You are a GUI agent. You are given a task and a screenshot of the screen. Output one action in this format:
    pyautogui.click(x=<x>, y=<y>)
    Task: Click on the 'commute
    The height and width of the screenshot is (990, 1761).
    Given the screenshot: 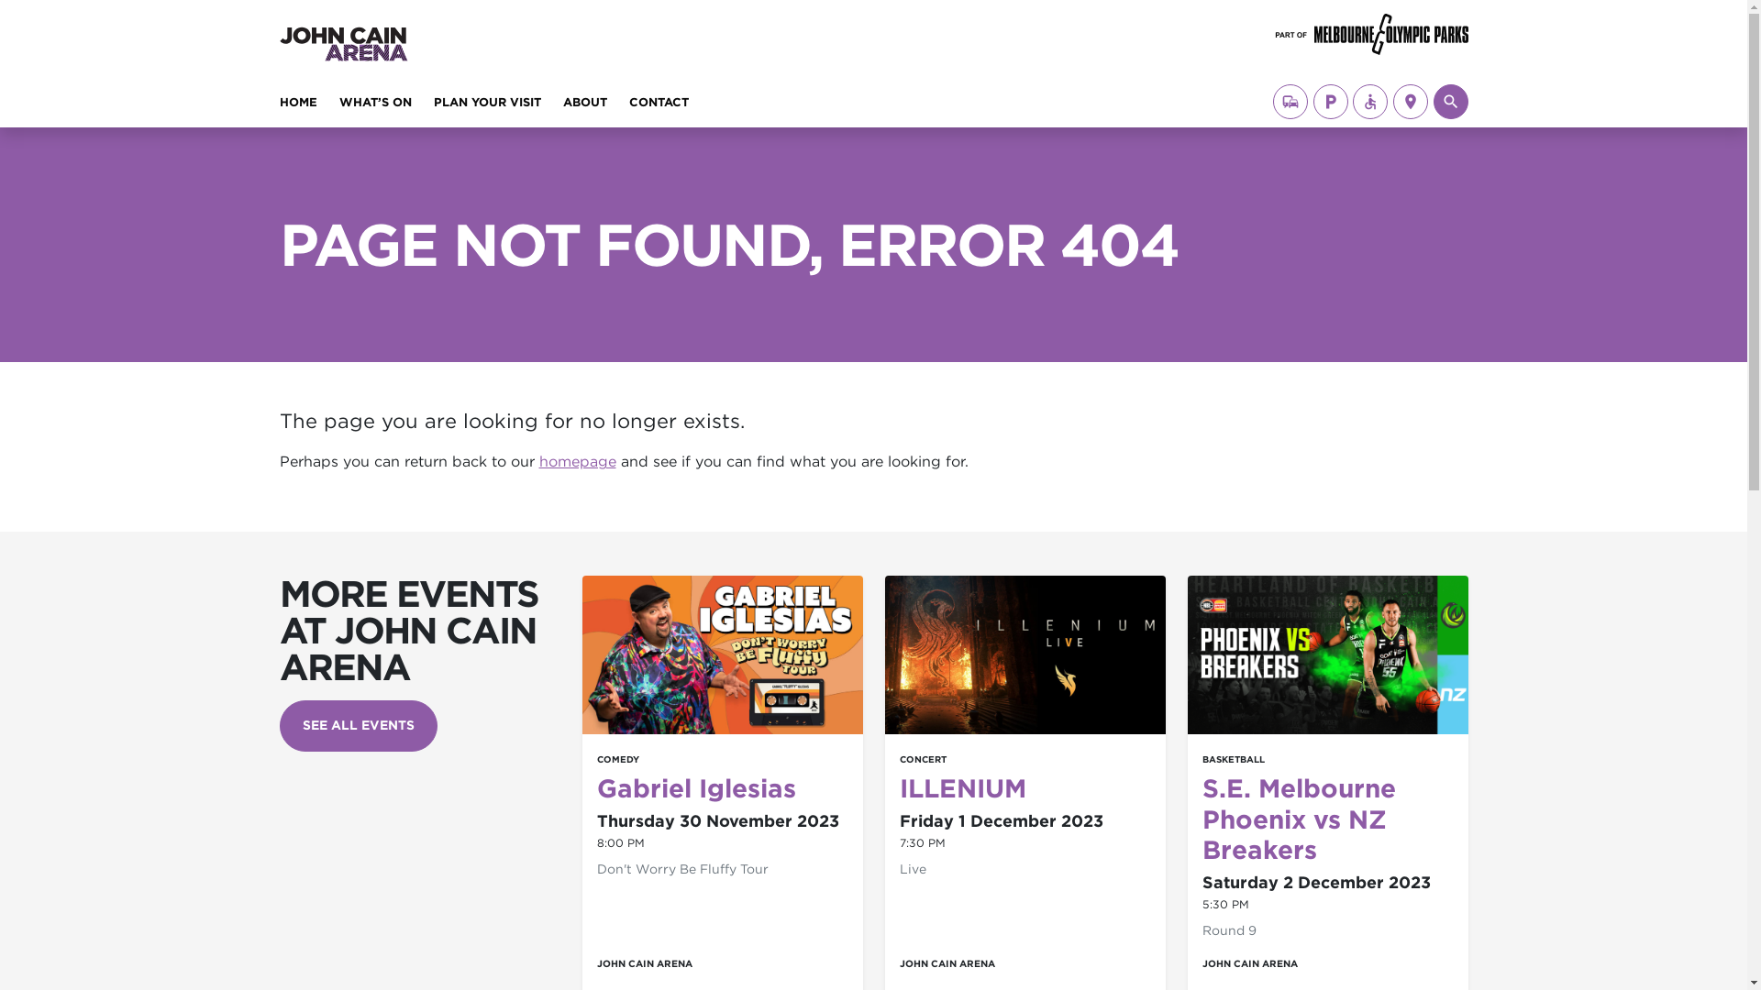 What is the action you would take?
    pyautogui.click(x=1289, y=102)
    